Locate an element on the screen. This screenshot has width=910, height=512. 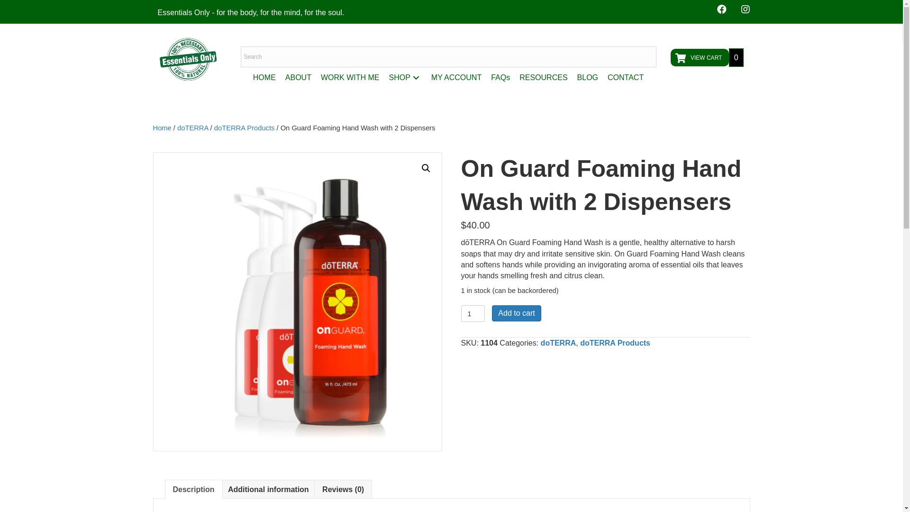
'MY ACCOUNT' is located at coordinates (456, 77).